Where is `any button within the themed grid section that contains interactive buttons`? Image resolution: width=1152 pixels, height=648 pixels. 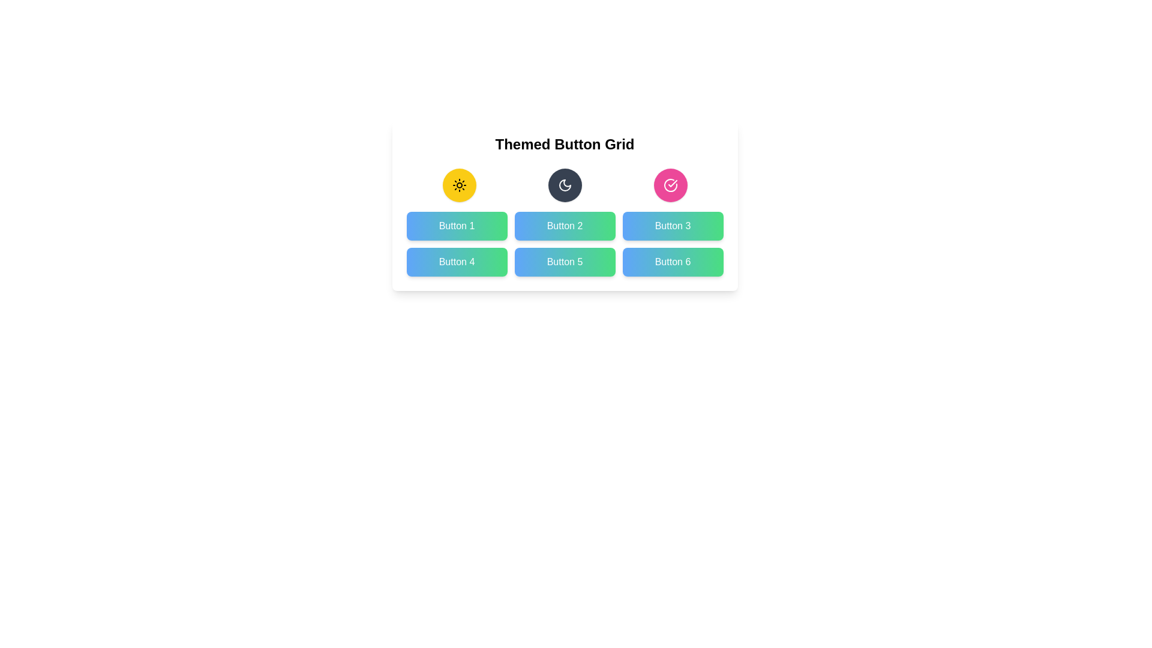 any button within the themed grid section that contains interactive buttons is located at coordinates (564, 205).